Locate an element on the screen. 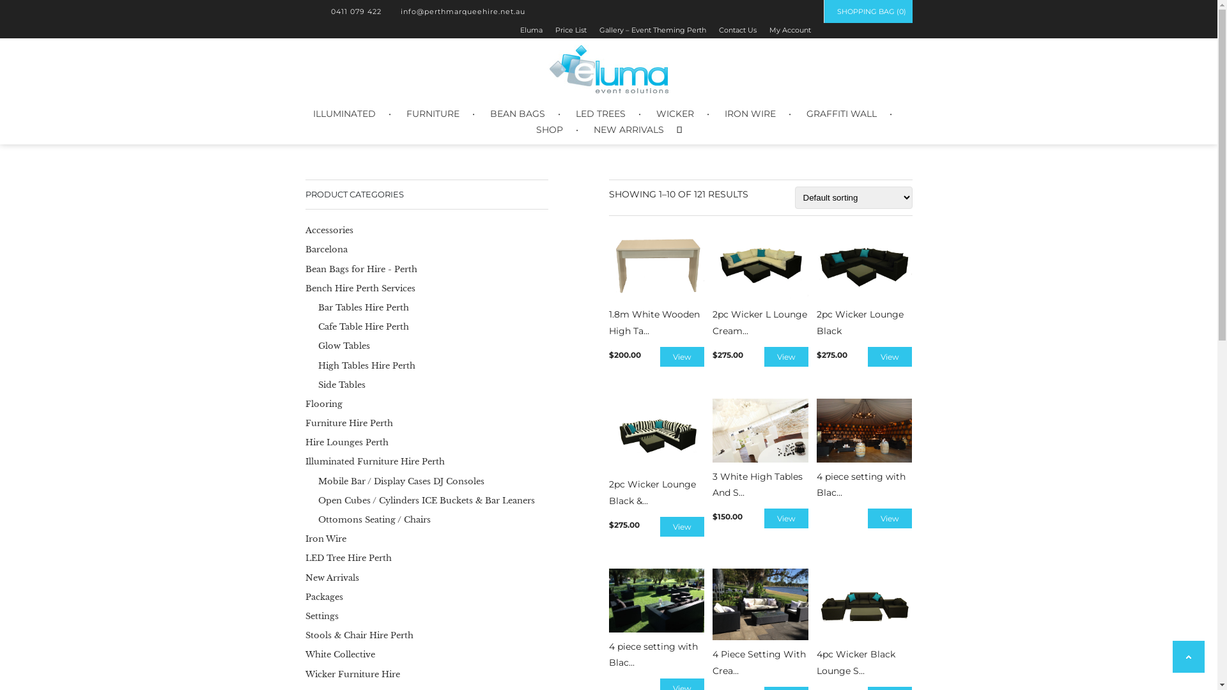 This screenshot has height=690, width=1227. 'My Account' is located at coordinates (789, 29).